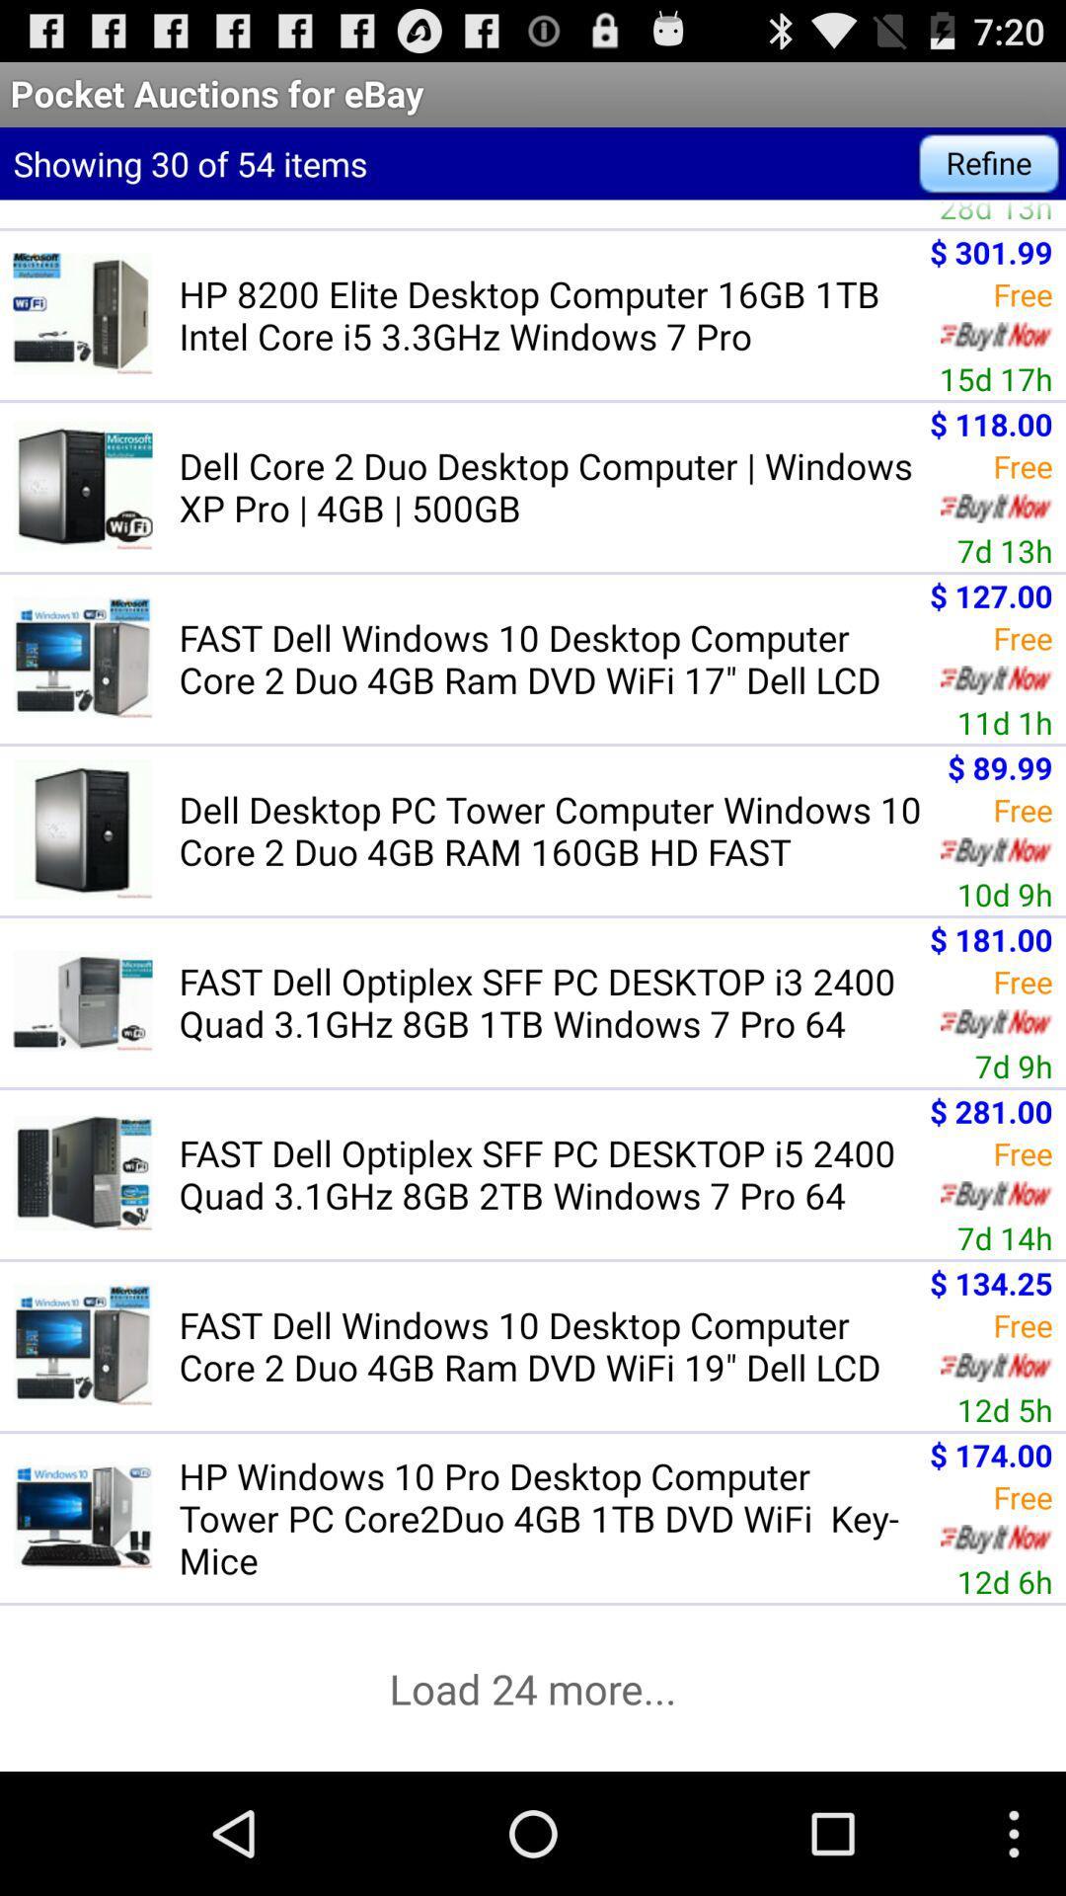  Describe the element at coordinates (996, 213) in the screenshot. I see `the icon above the $ 301.99` at that location.